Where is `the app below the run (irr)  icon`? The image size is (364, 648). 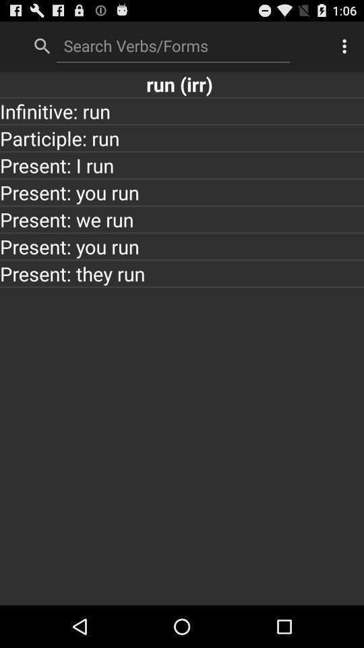
the app below the run (irr)  icon is located at coordinates (182, 110).